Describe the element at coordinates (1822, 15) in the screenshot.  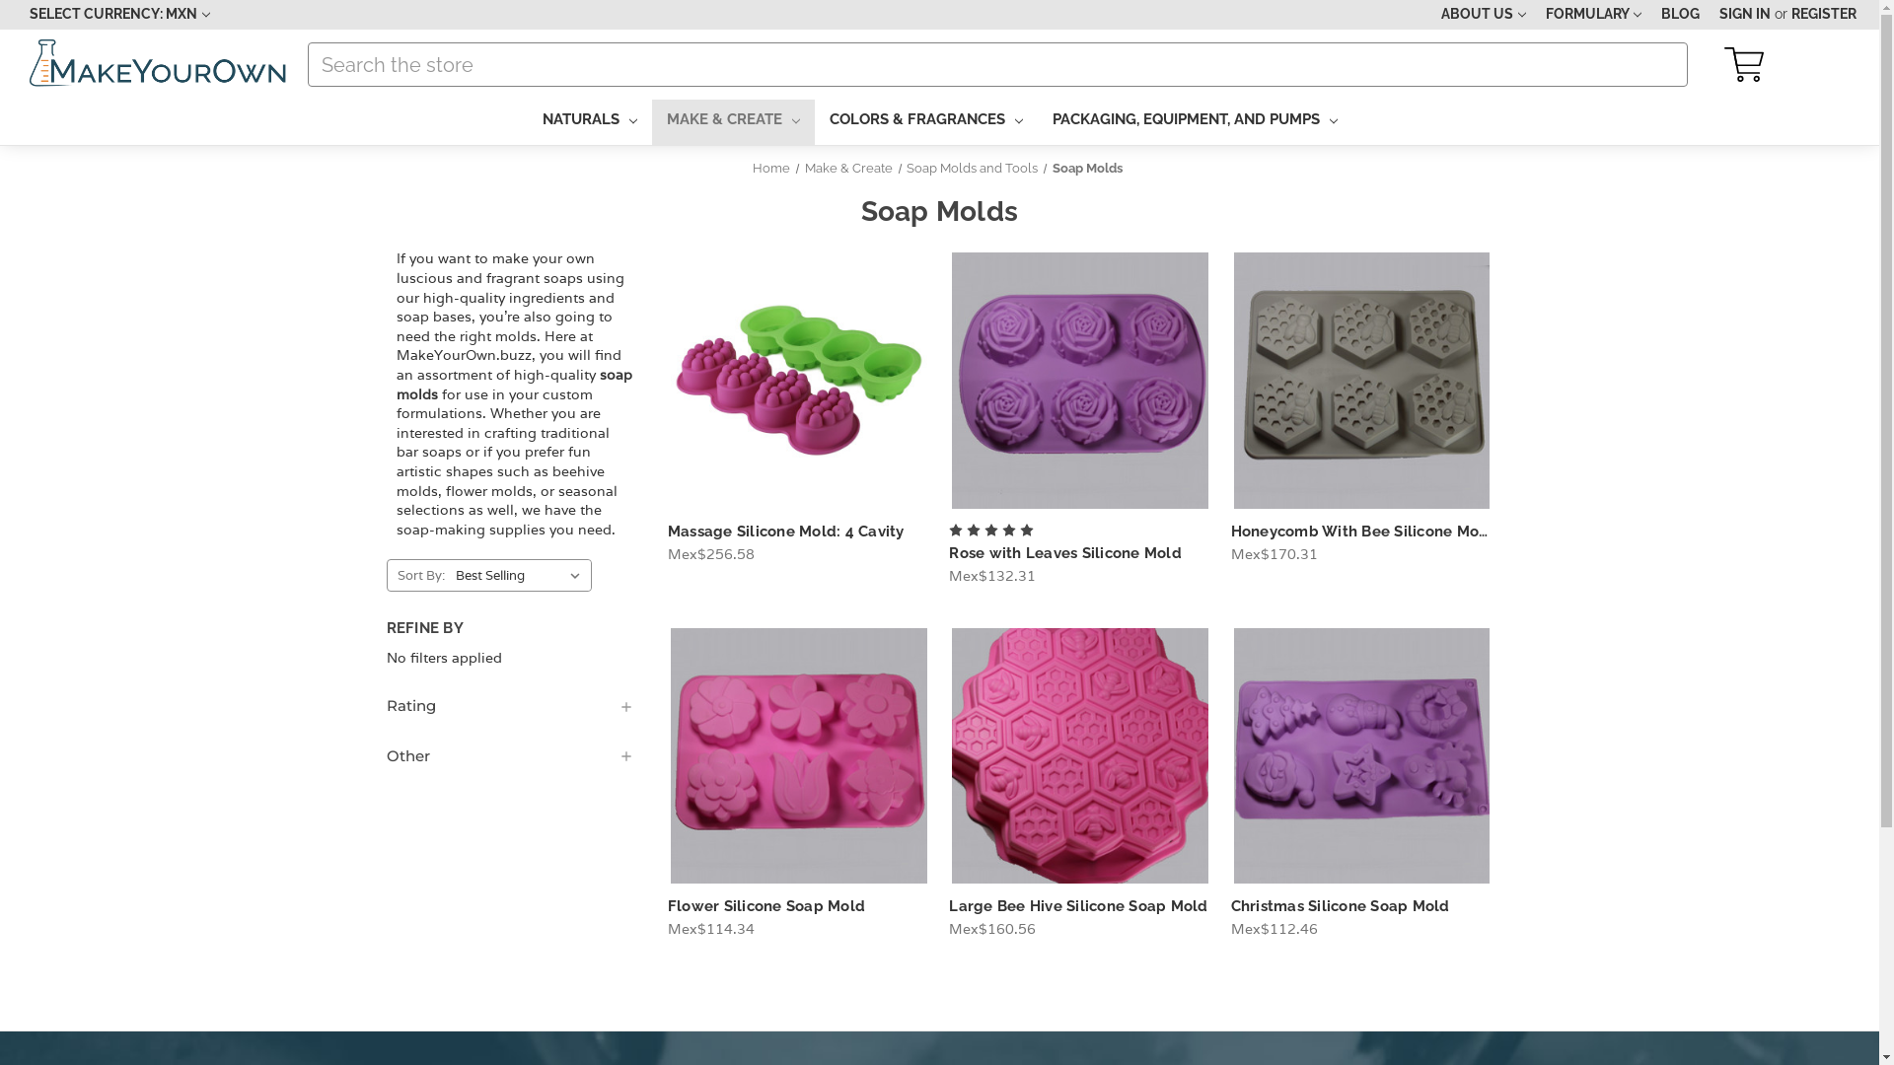
I see `'REGISTER'` at that location.